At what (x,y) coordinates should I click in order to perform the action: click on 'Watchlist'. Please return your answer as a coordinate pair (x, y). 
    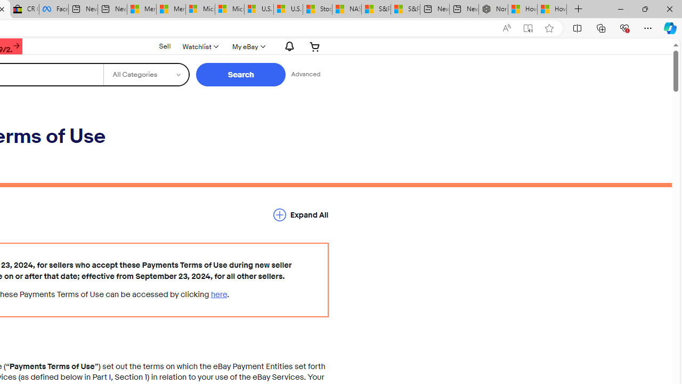
    Looking at the image, I should click on (200, 46).